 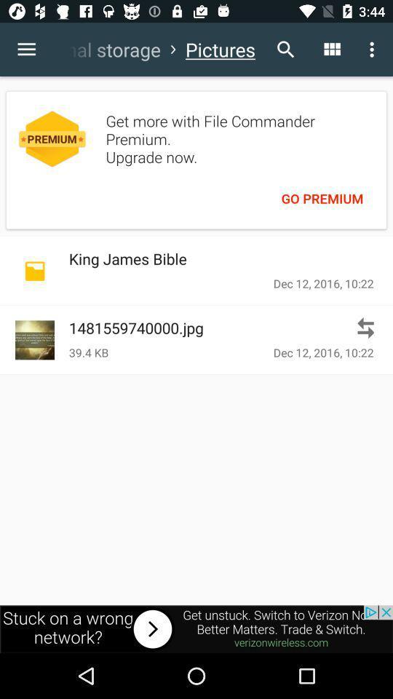 I want to click on navigate to advertisement, so click(x=196, y=628).